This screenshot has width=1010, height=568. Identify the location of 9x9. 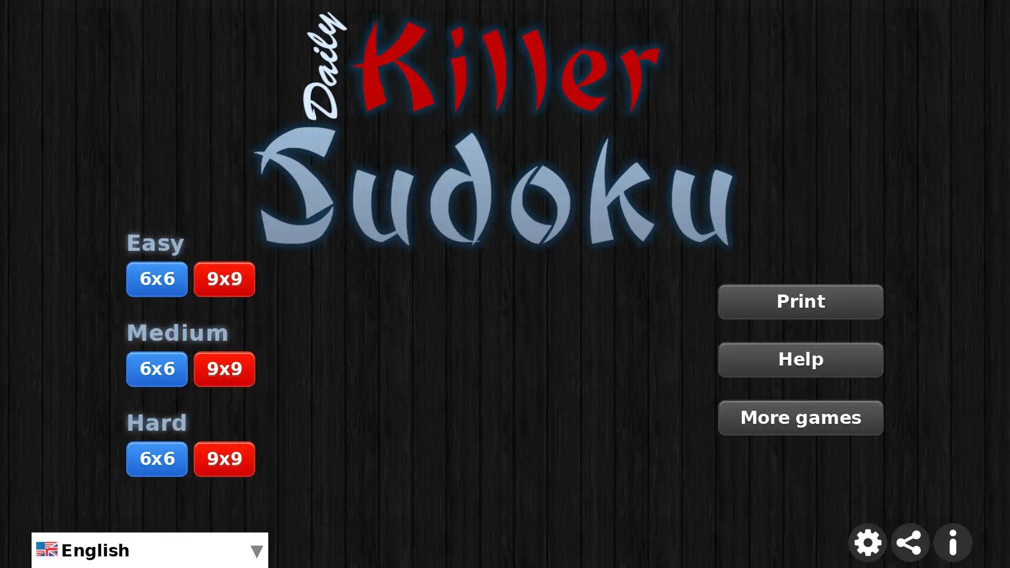
(224, 458).